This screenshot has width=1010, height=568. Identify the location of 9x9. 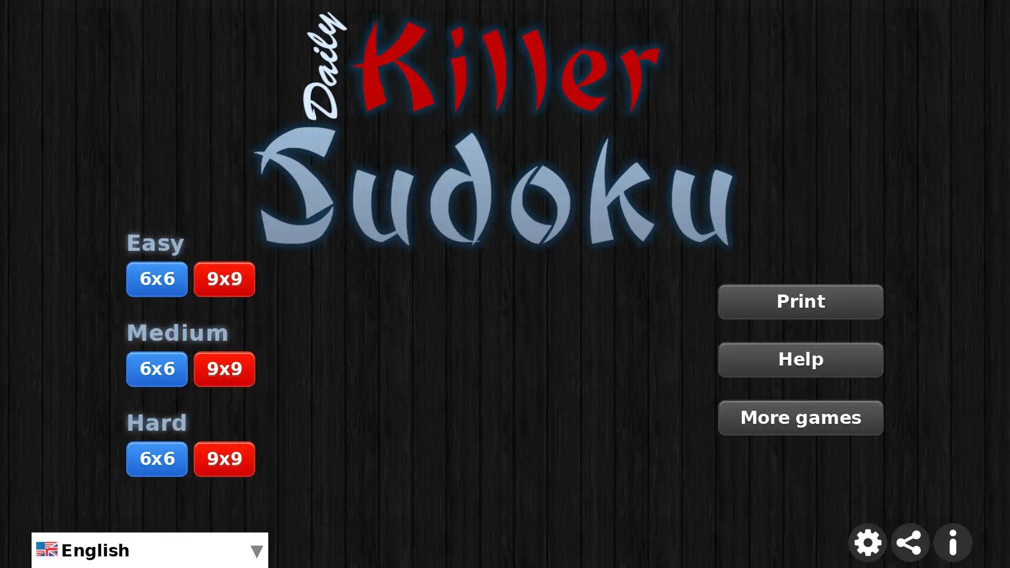
(224, 458).